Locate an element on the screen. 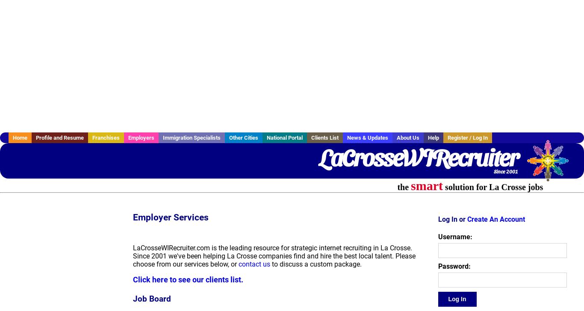 The height and width of the screenshot is (311, 584). 'Since 2001' is located at coordinates (505, 171).